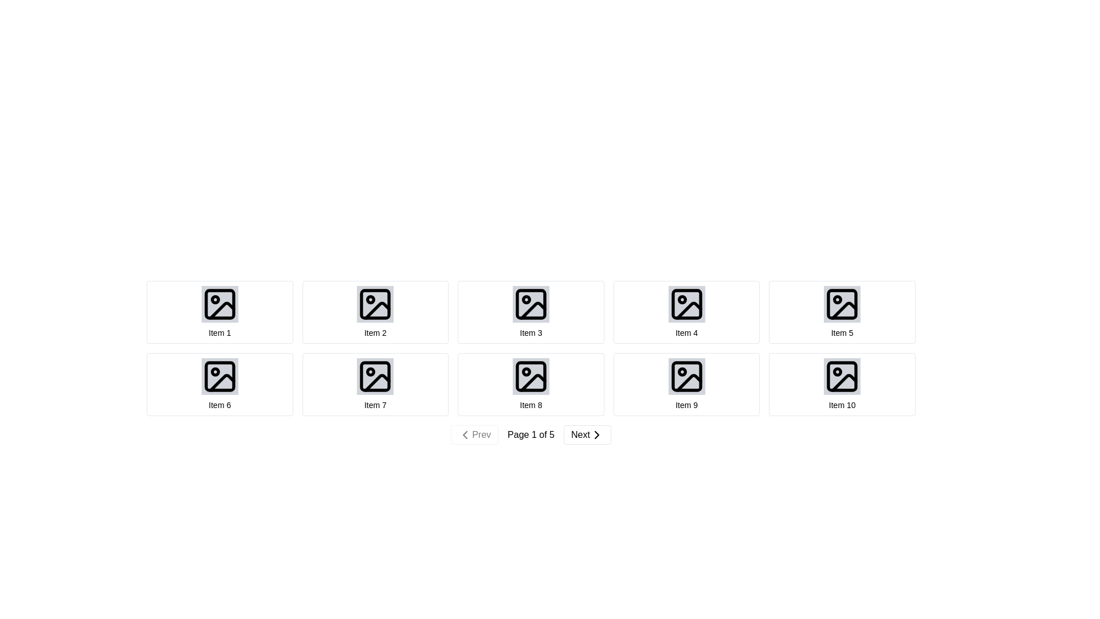  What do you see at coordinates (219, 312) in the screenshot?
I see `text or icon of the first item in the grid layout, which is represented by an icon and a label located at the top left corner of the grid` at bounding box center [219, 312].